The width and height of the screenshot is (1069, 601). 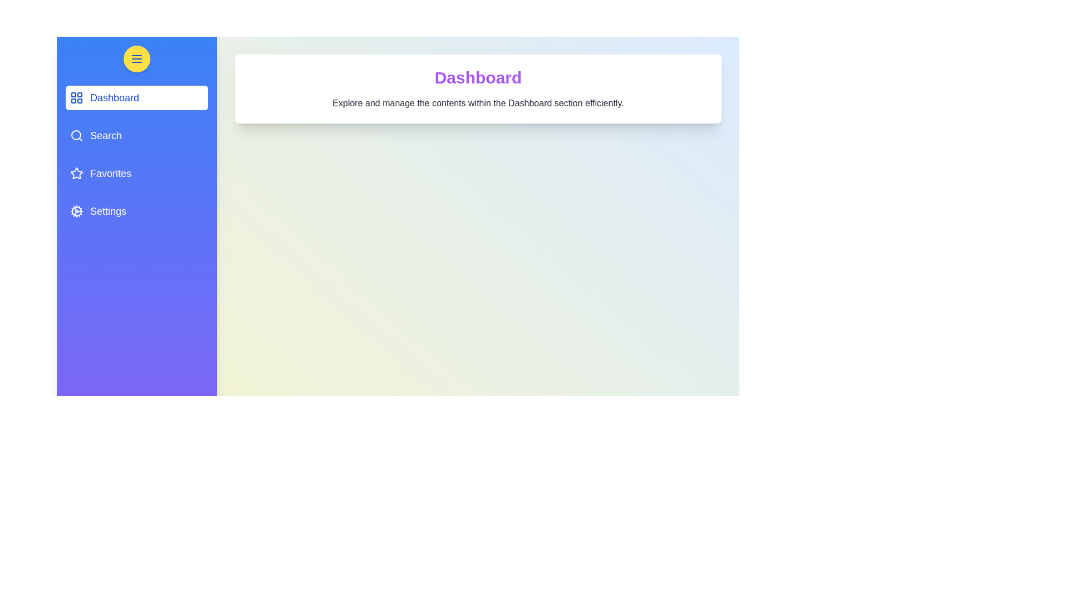 What do you see at coordinates (136, 211) in the screenshot?
I see `the navigation item labeled Settings to view its hover effect` at bounding box center [136, 211].